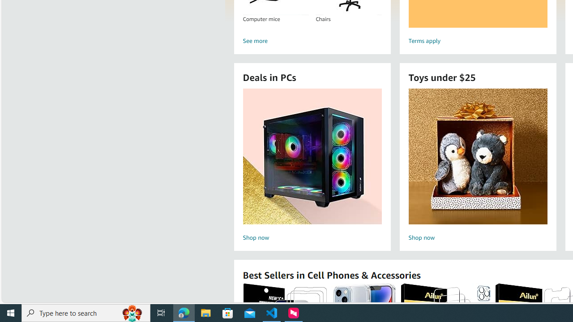  Describe the element at coordinates (312, 166) in the screenshot. I see `'Deals in PCs Shop now'` at that location.